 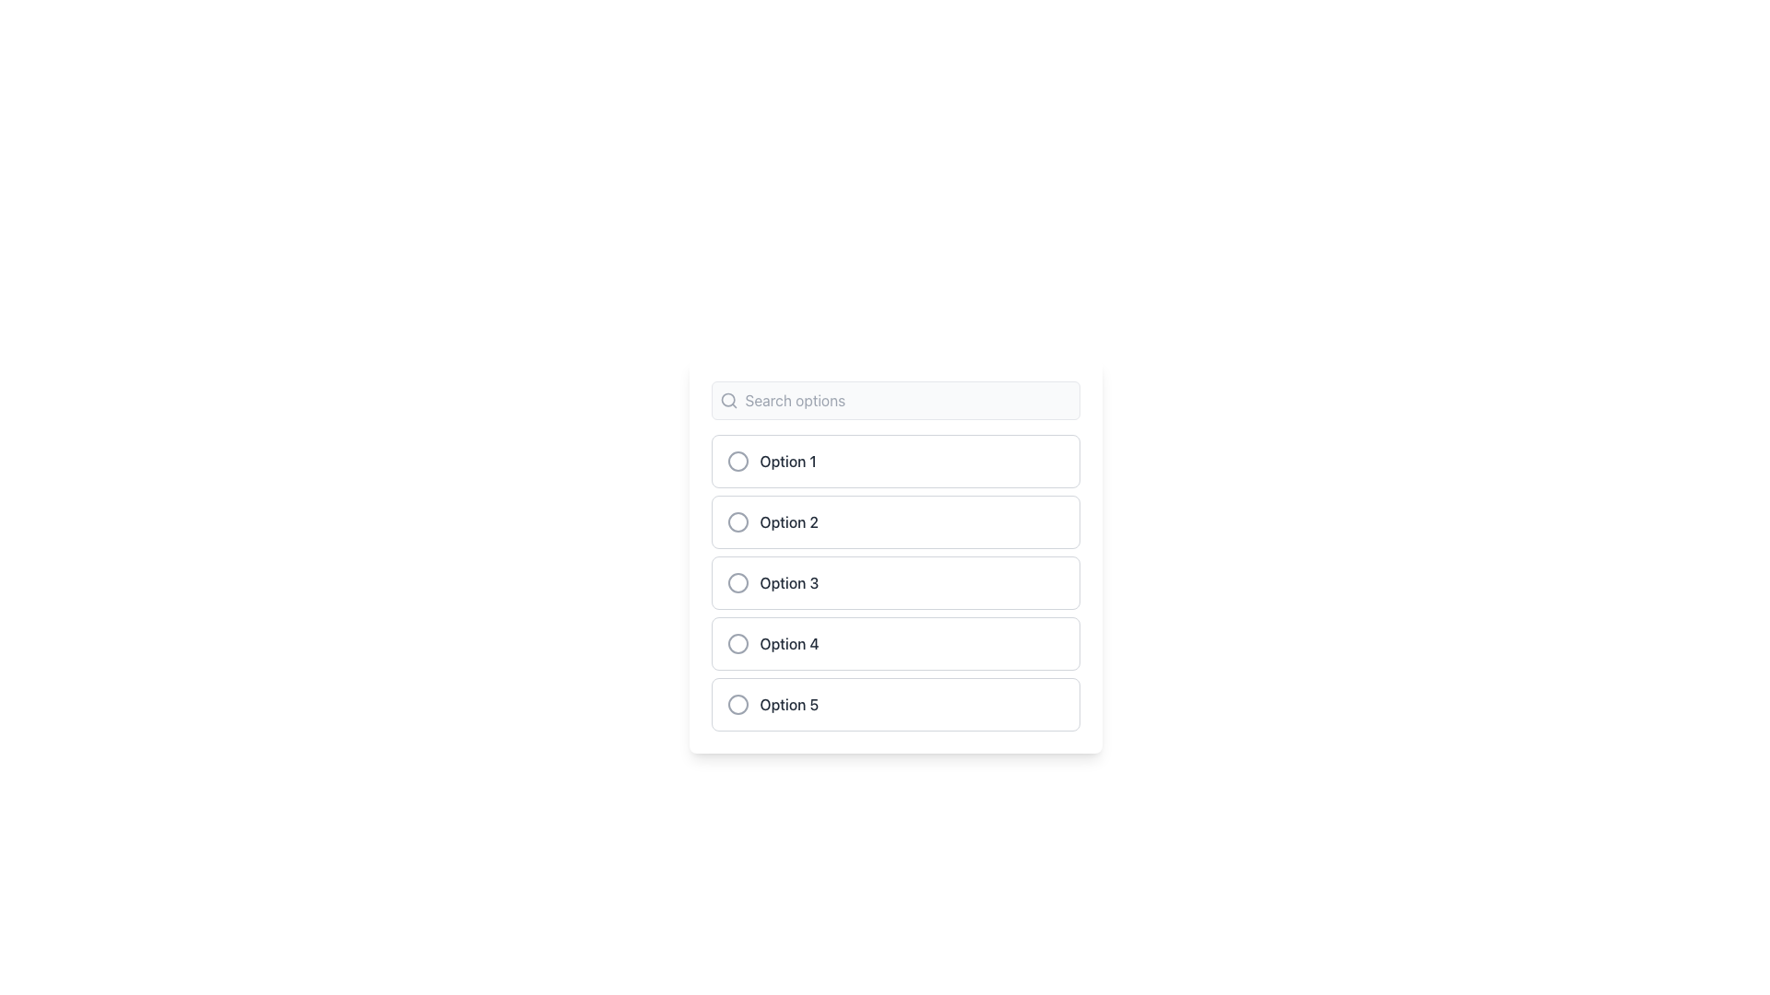 I want to click on the circular lens of the magnifying glass icon within the search bar, which visually indicates the search functionality, so click(x=726, y=399).